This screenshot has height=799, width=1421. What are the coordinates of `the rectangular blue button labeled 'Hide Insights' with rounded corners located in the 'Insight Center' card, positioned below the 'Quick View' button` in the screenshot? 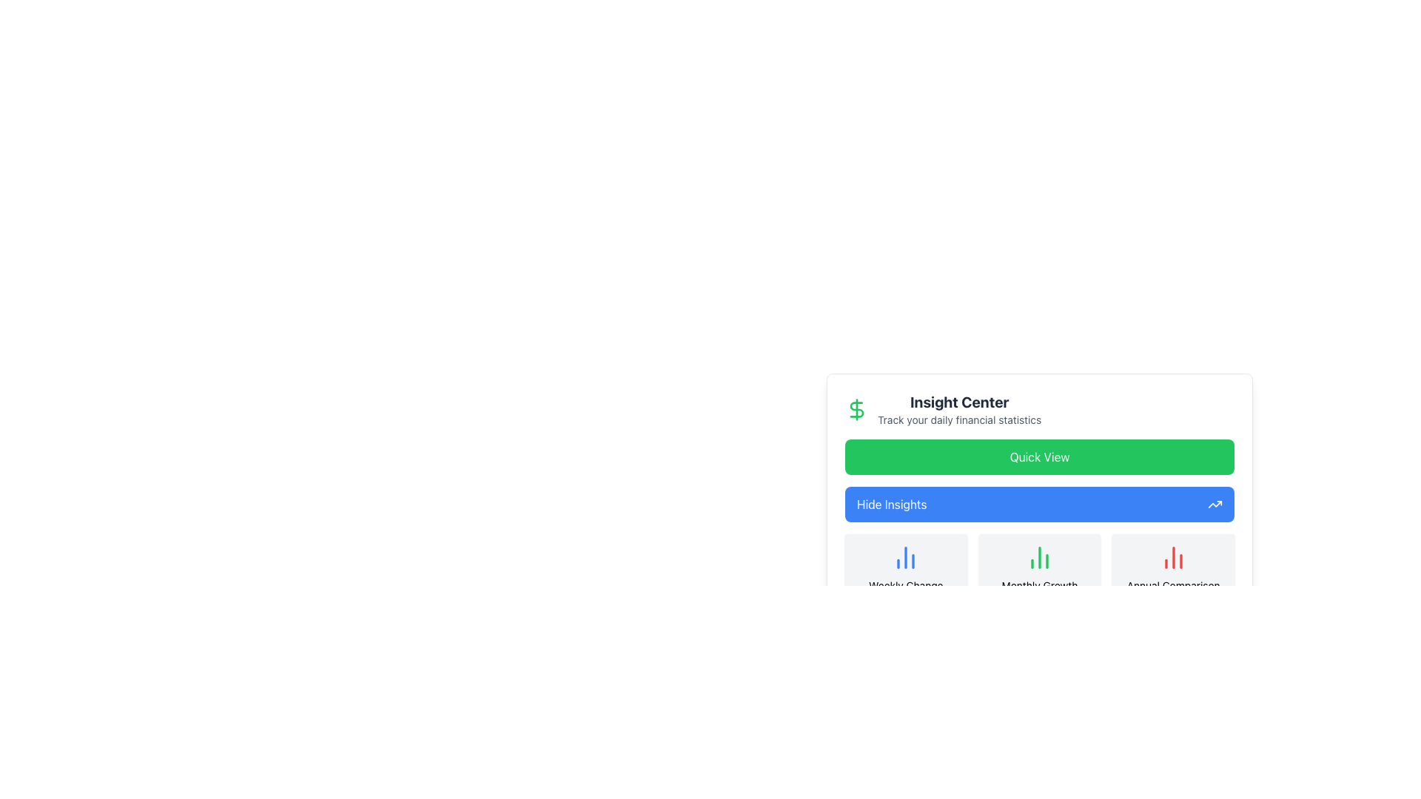 It's located at (1039, 504).